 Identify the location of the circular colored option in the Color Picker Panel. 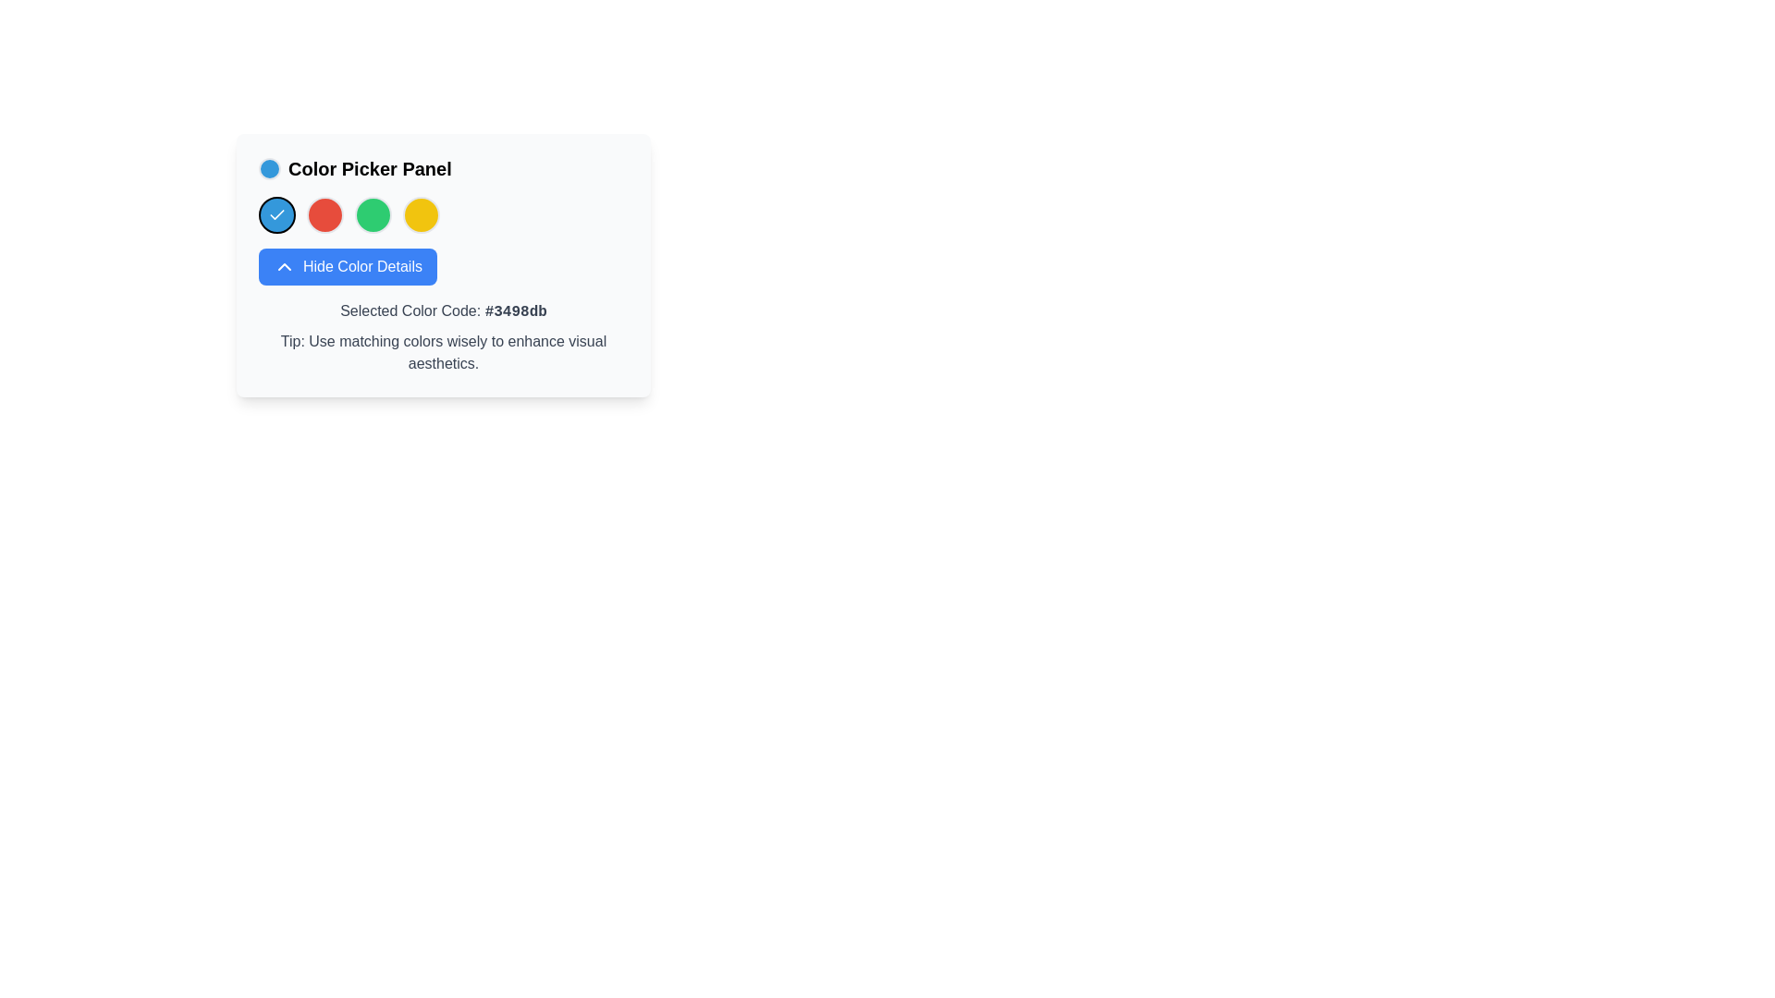
(444, 213).